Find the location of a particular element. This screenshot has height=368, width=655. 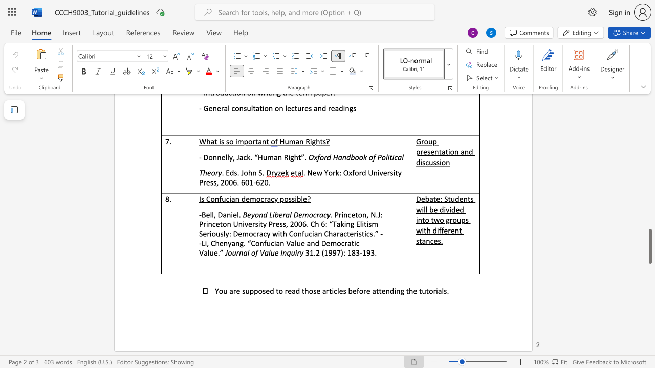

the right-hand scrollbar to ascend the page is located at coordinates (649, 107).